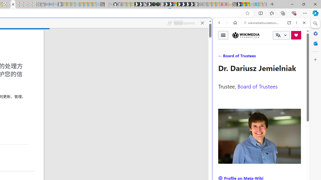 The image size is (321, 180). Describe the element at coordinates (296, 35) in the screenshot. I see `'Donate now'` at that location.